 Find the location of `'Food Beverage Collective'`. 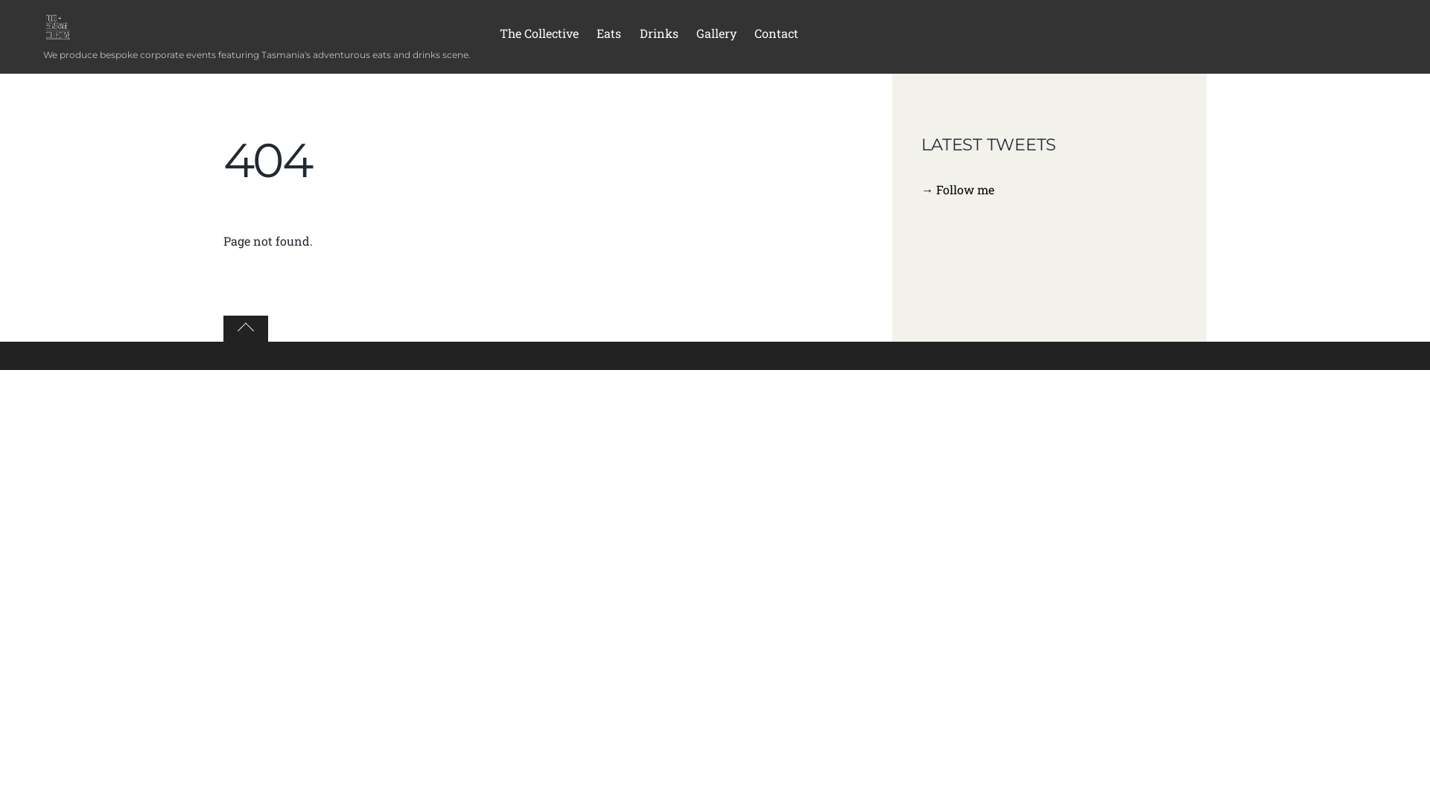

'Food Beverage Collective' is located at coordinates (57, 26).